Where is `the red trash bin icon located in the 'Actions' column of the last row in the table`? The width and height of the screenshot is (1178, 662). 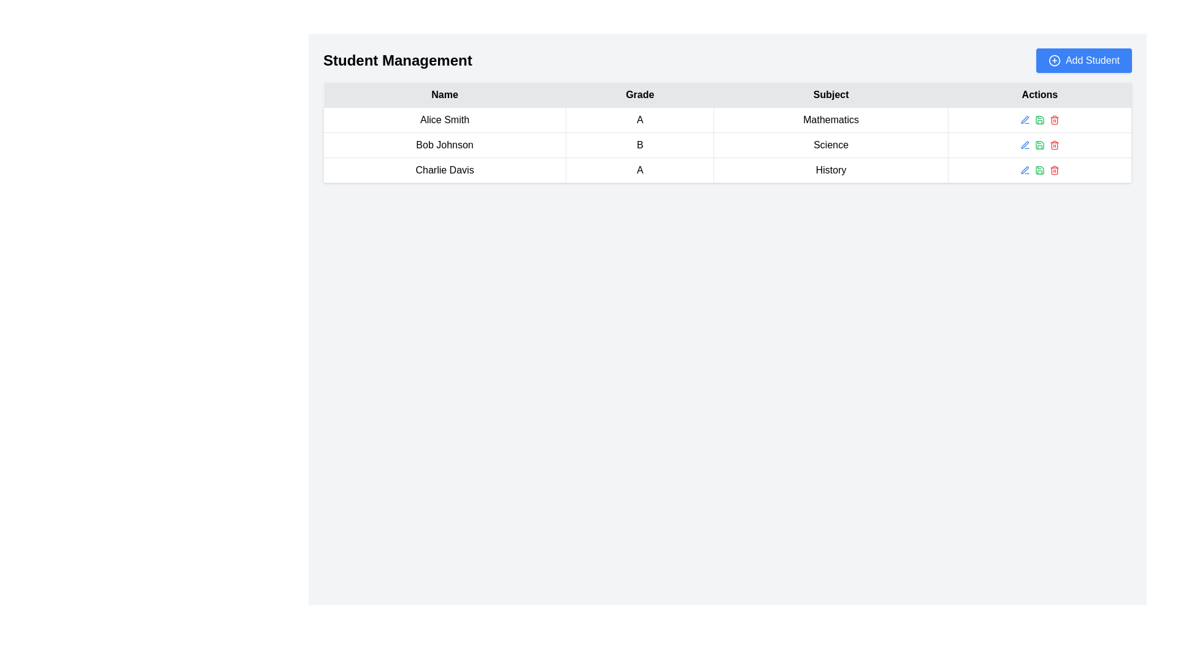 the red trash bin icon located in the 'Actions' column of the last row in the table is located at coordinates (1053, 120).